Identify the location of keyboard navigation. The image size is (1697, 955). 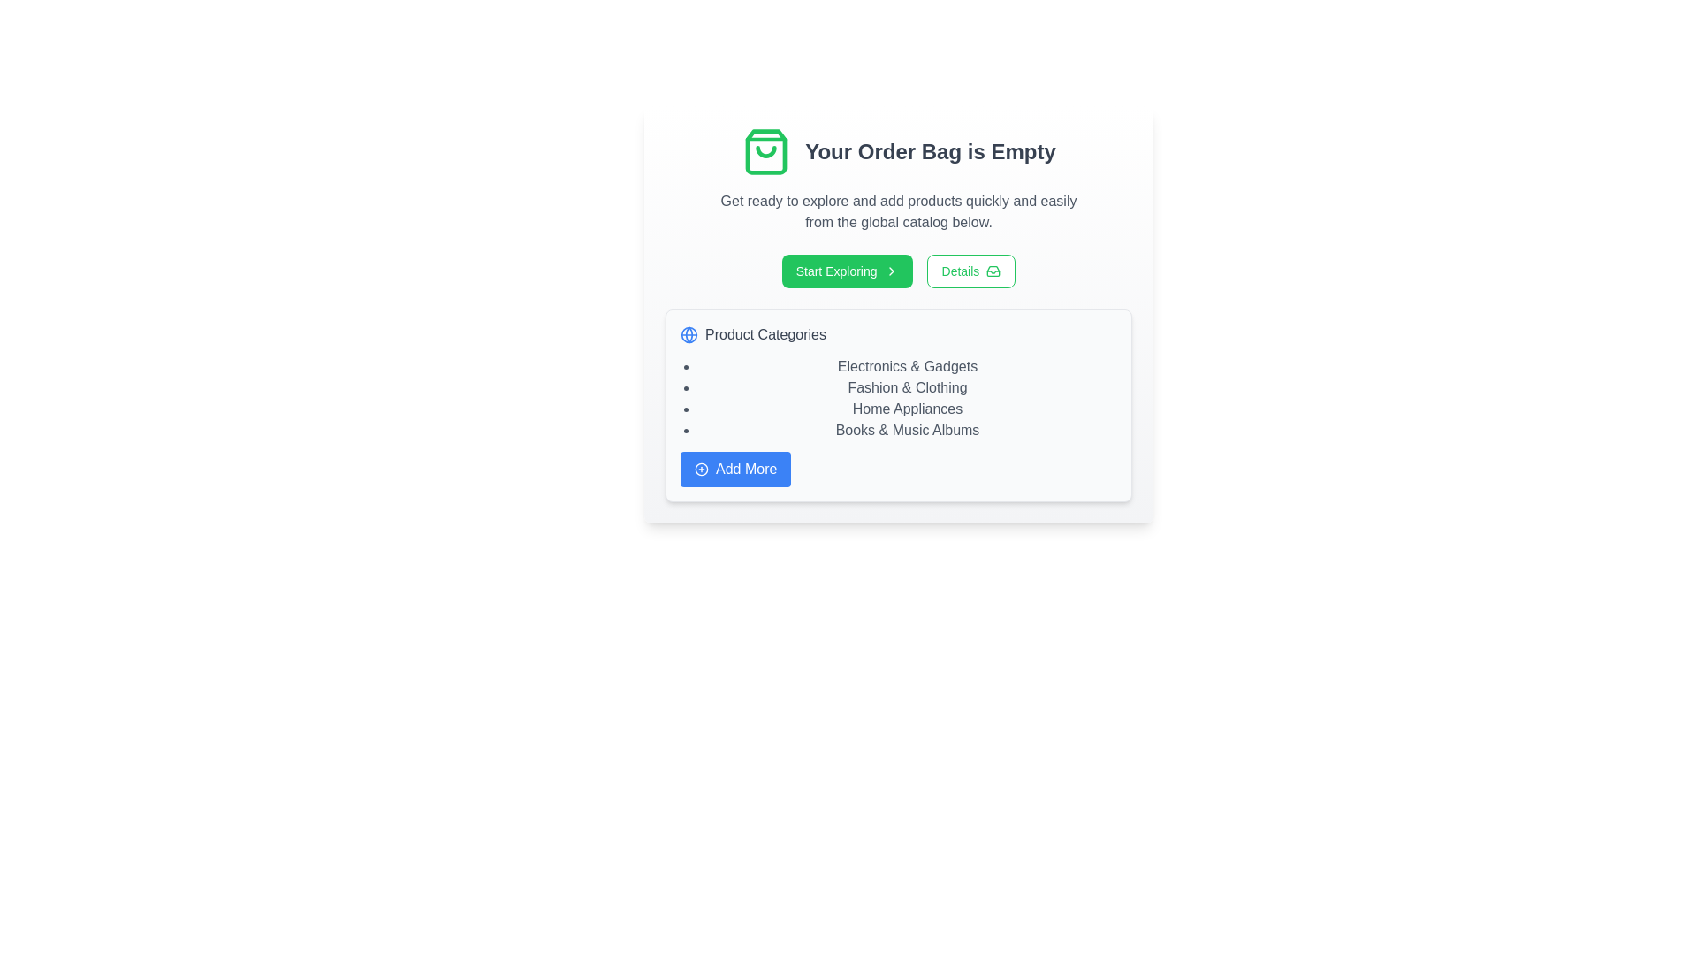
(846, 271).